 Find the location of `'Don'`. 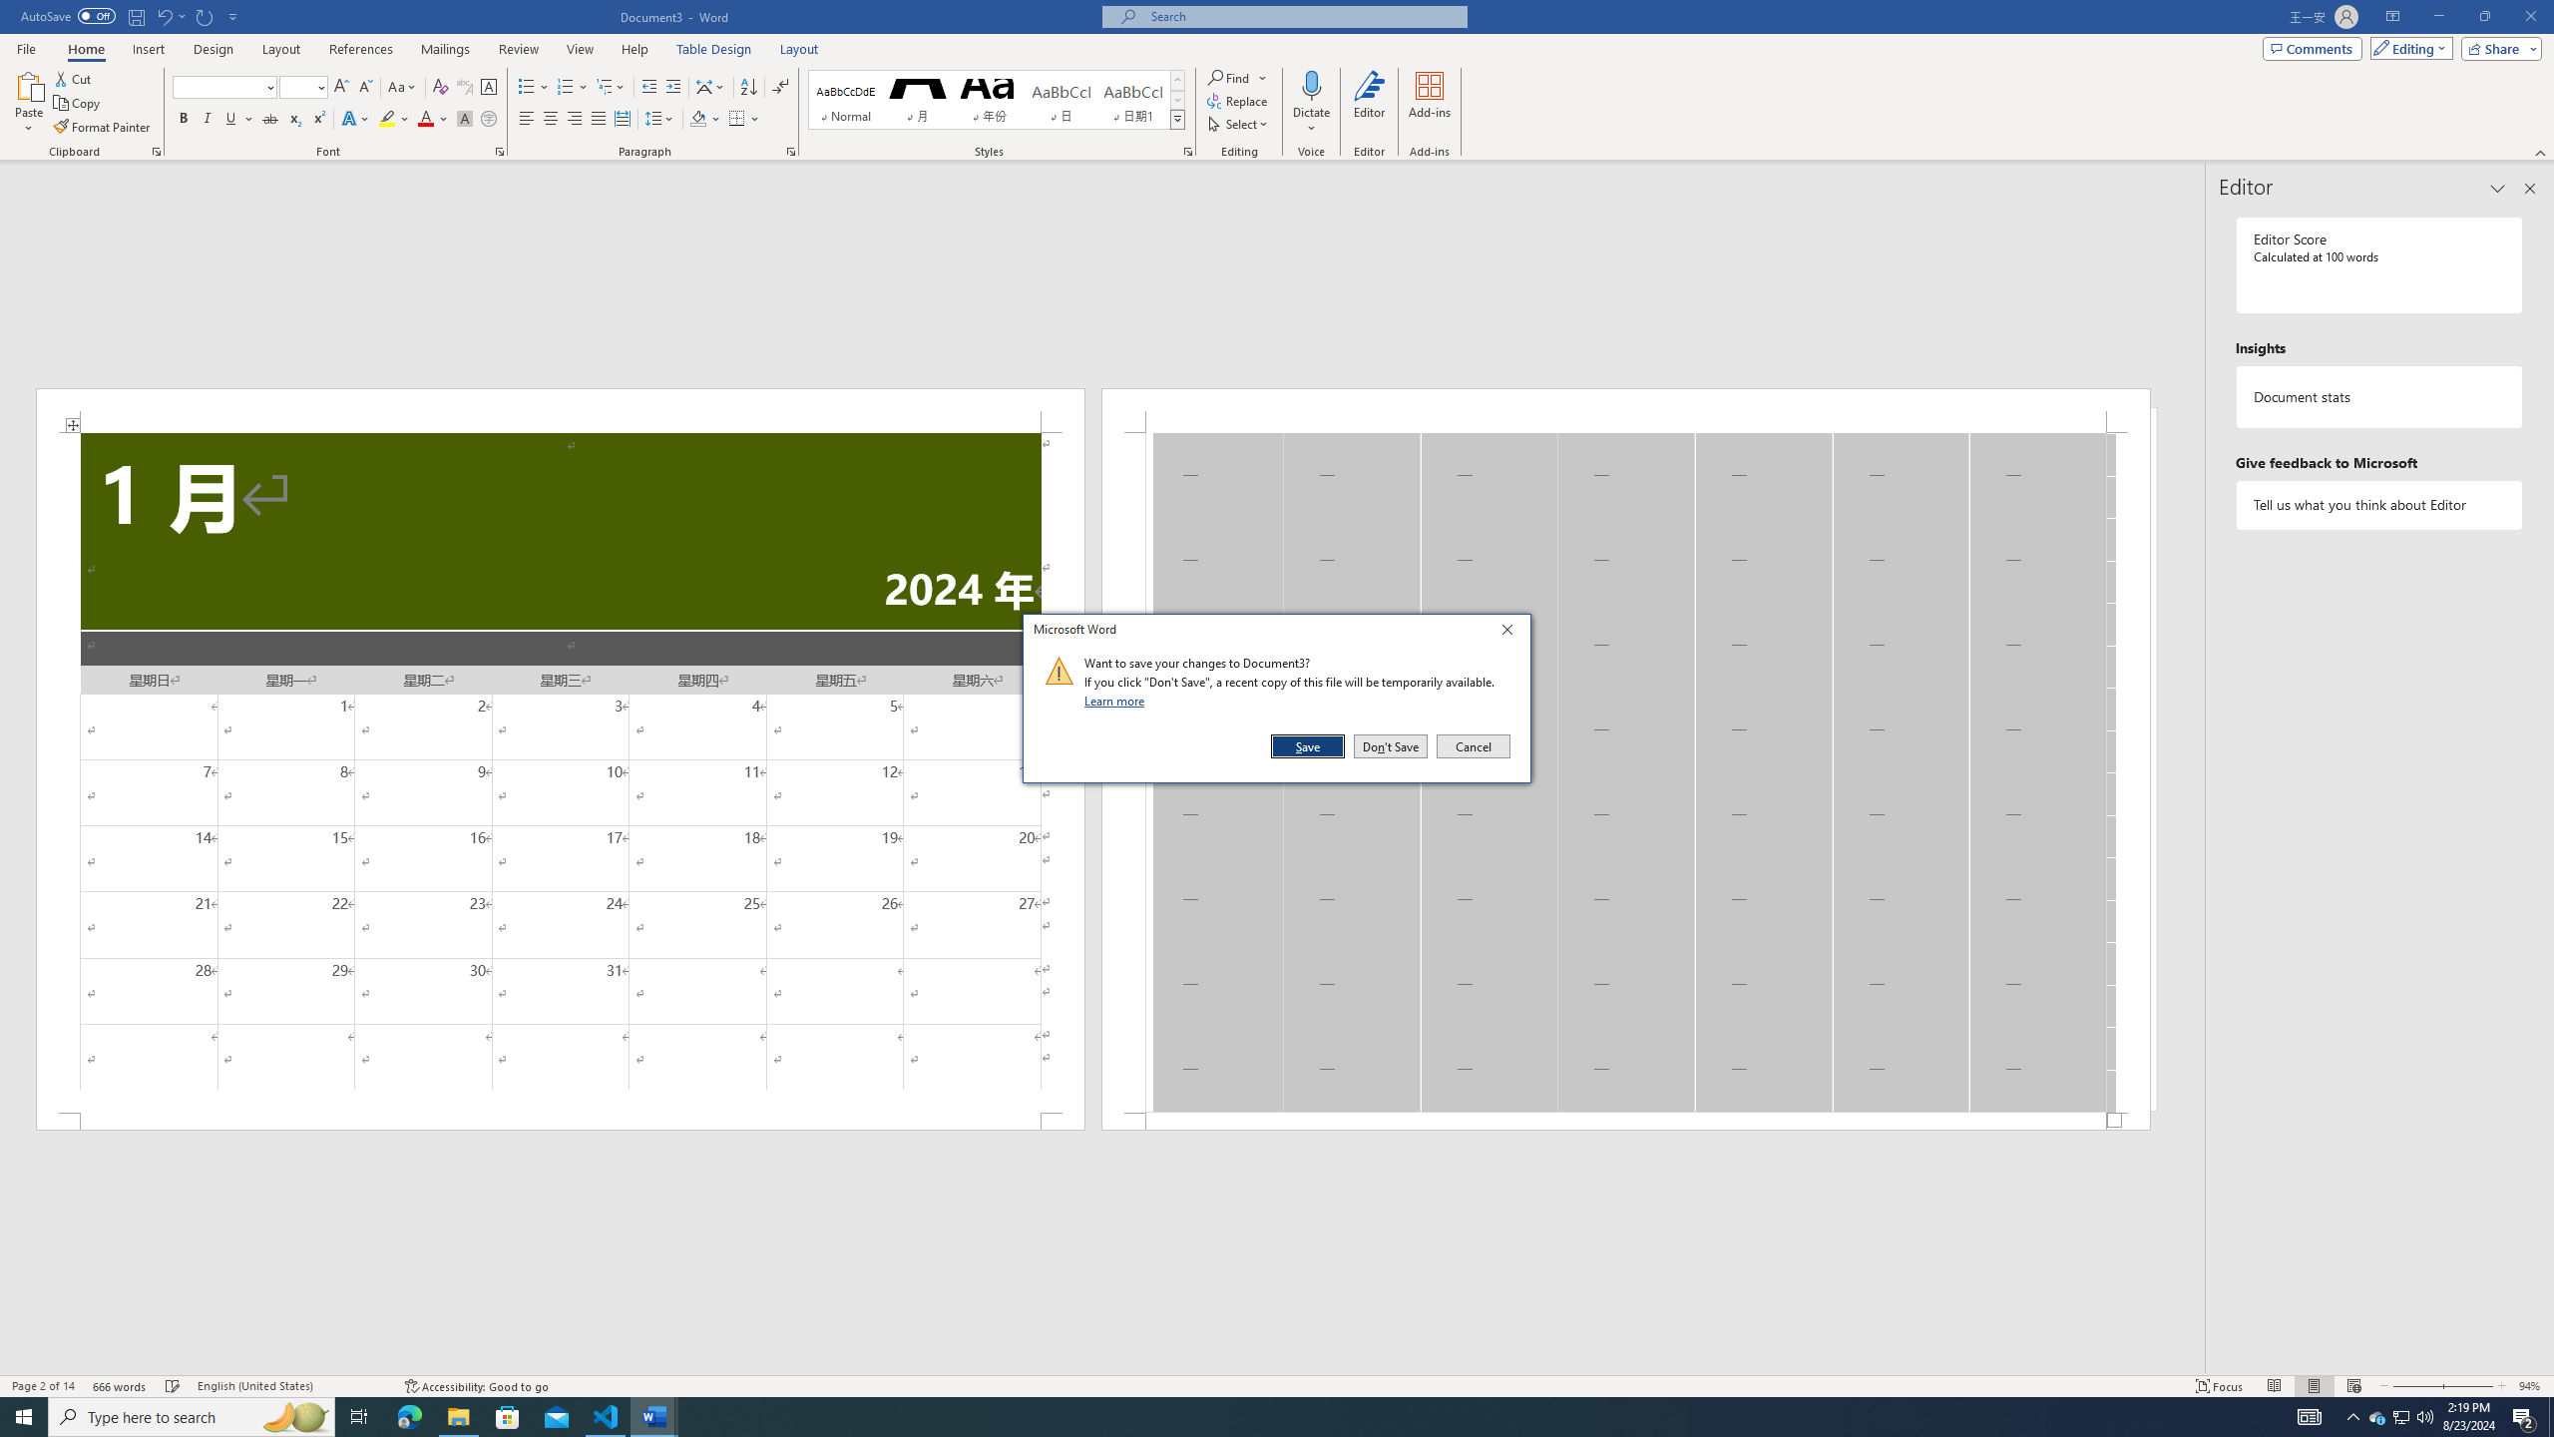

'Don' is located at coordinates (1390, 745).